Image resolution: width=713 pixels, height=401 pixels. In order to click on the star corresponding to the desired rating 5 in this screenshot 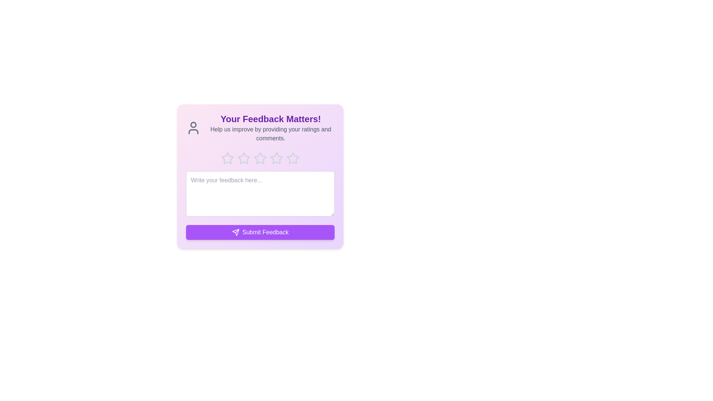, I will do `click(292, 158)`.